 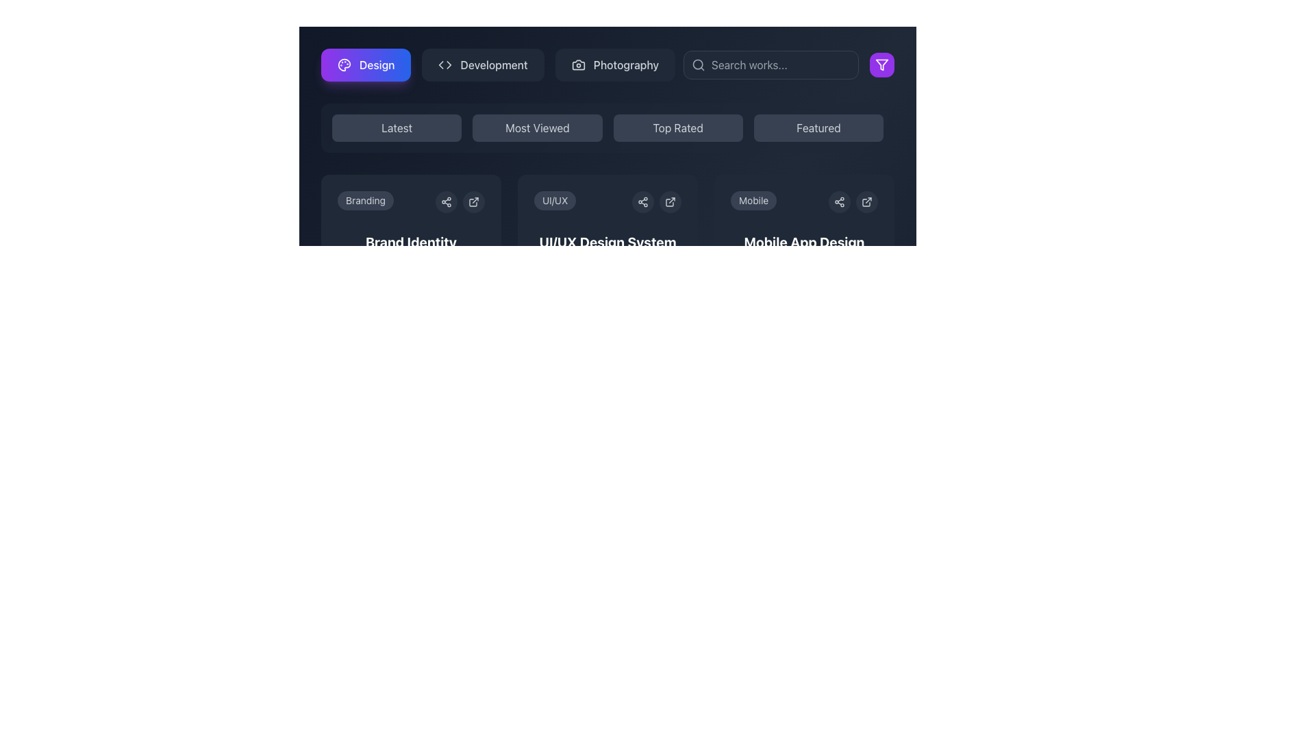 I want to click on the circular gray Icon button with a share symbol located in the top right corner of the UI card labeled 'UI/UX Design System' to share content, so click(x=642, y=201).